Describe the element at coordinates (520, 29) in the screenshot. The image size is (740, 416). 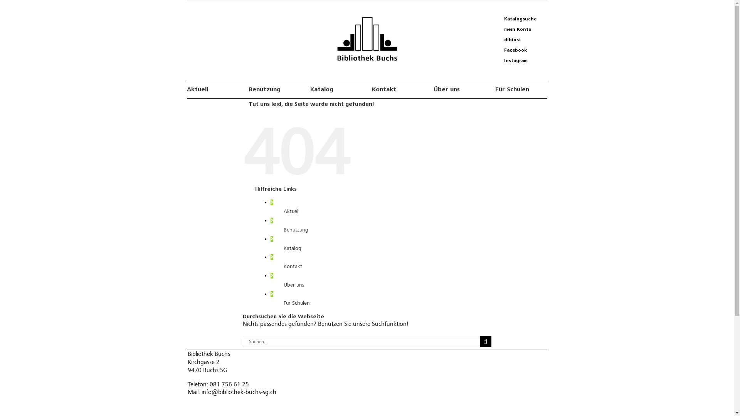
I see `'mein Konto'` at that location.